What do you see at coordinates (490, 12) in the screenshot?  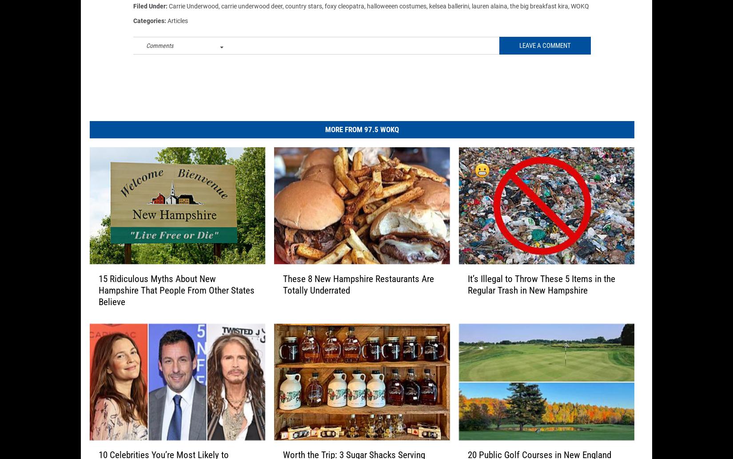 I see `'lauren alaina'` at bounding box center [490, 12].